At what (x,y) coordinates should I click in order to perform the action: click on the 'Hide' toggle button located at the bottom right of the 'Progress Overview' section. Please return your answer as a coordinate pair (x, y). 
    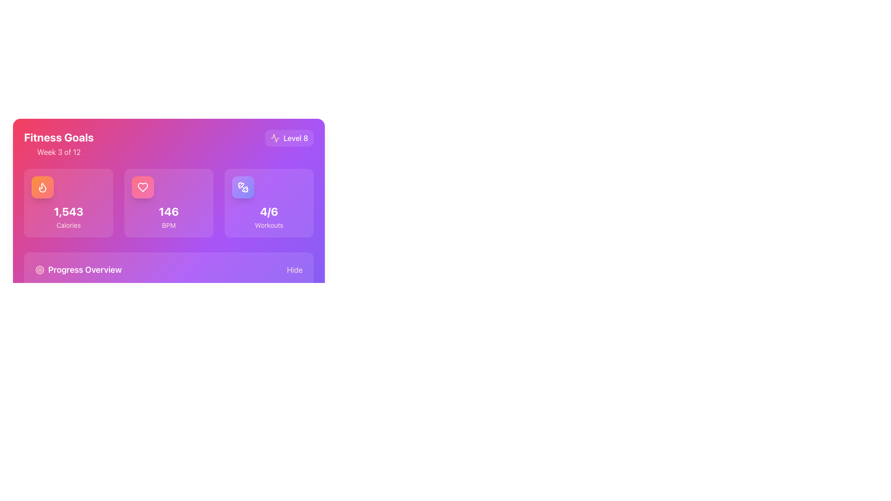
    Looking at the image, I should click on (294, 270).